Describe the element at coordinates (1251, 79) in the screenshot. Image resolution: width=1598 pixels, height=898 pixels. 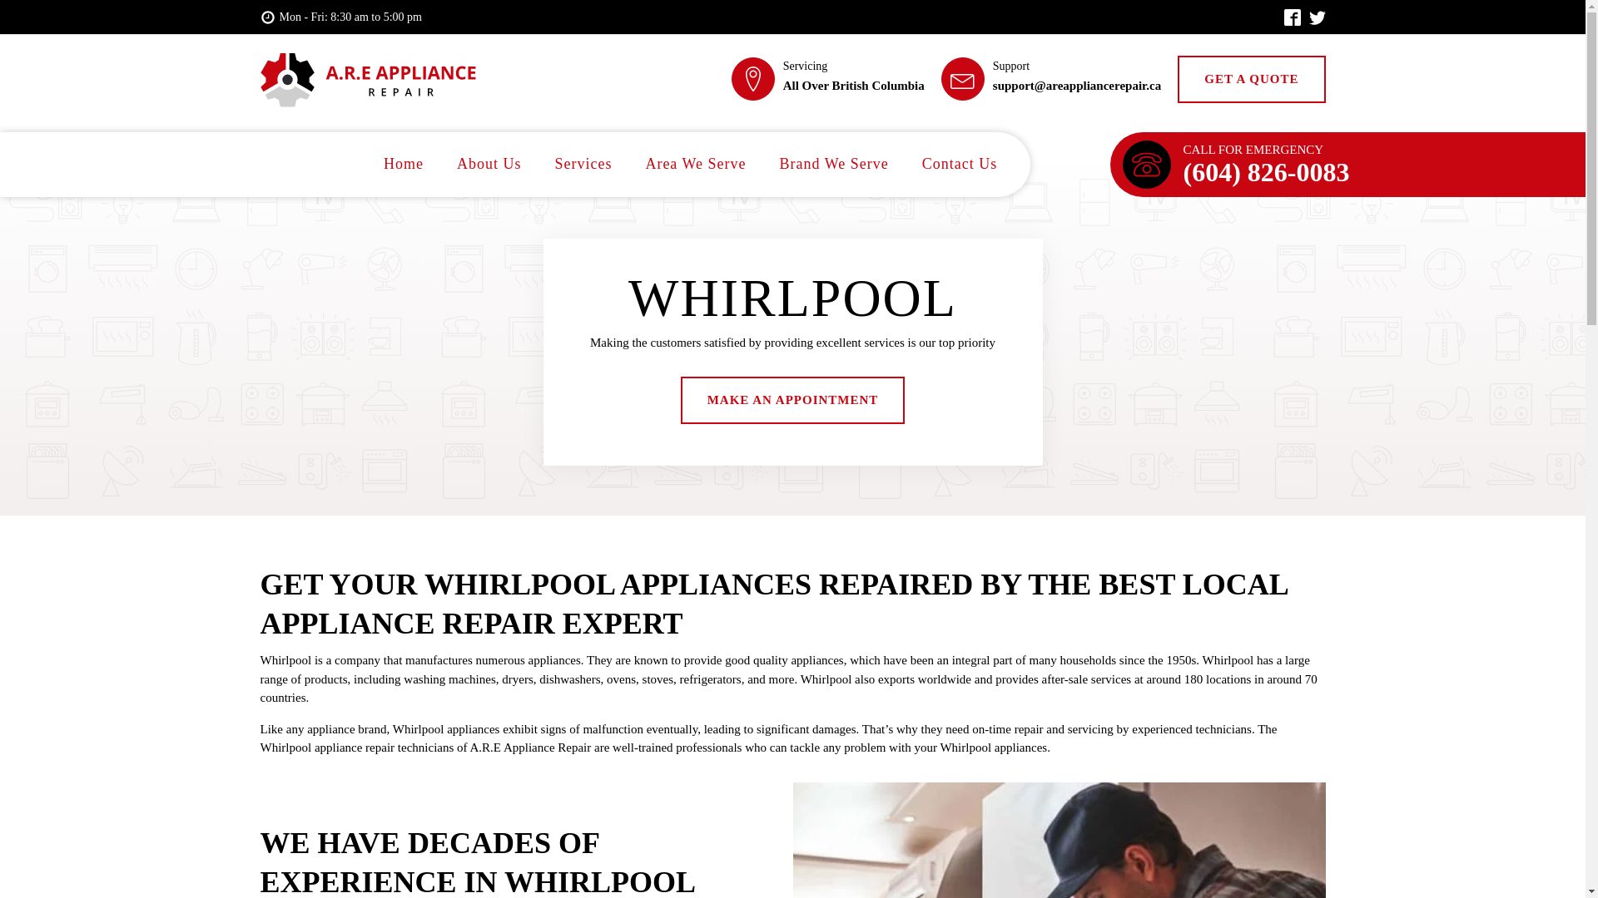
I see `'GET A QUOTE'` at that location.